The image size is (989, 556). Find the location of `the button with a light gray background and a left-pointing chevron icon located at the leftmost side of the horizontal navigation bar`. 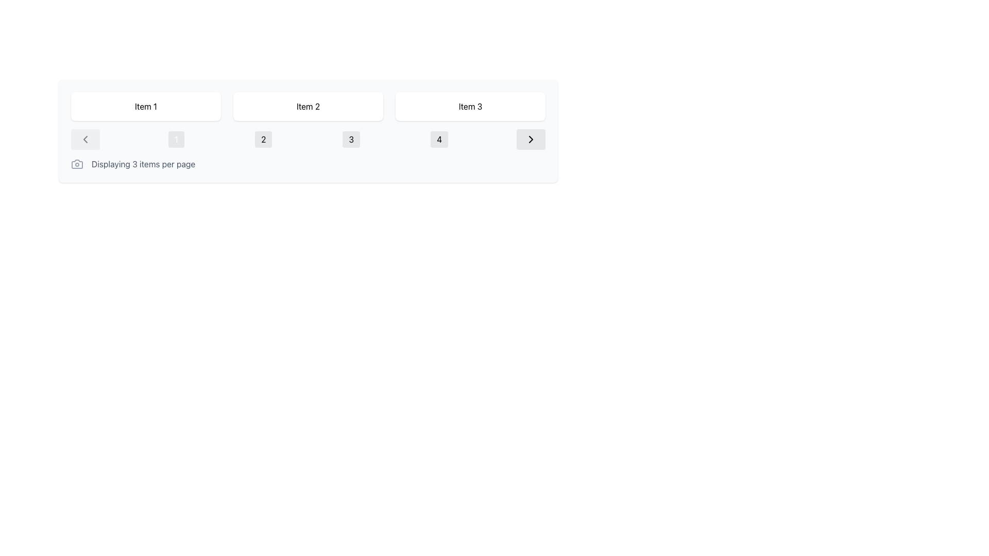

the button with a light gray background and a left-pointing chevron icon located at the leftmost side of the horizontal navigation bar is located at coordinates (86, 139).